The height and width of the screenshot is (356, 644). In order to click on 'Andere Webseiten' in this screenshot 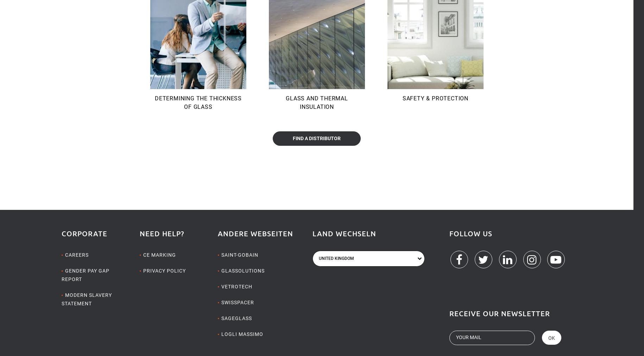, I will do `click(255, 233)`.